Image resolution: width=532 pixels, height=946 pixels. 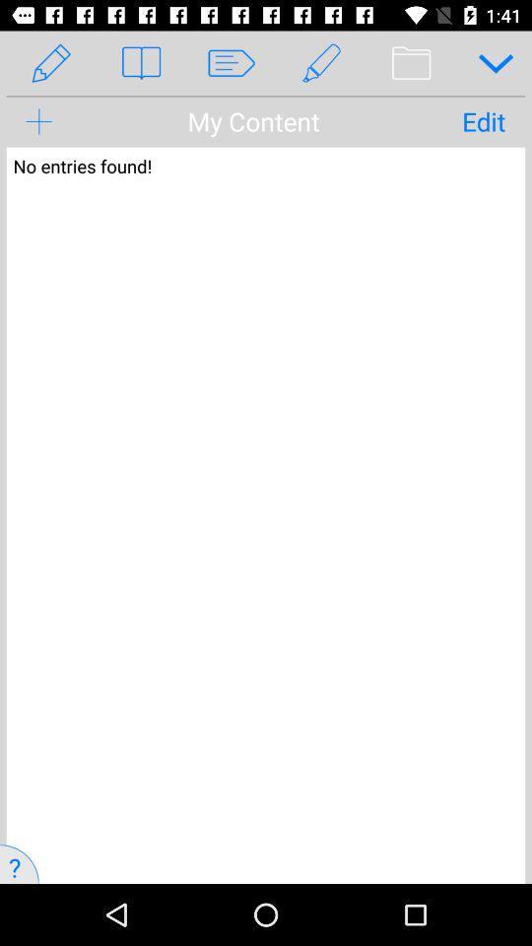 What do you see at coordinates (140, 63) in the screenshot?
I see `the book icon` at bounding box center [140, 63].